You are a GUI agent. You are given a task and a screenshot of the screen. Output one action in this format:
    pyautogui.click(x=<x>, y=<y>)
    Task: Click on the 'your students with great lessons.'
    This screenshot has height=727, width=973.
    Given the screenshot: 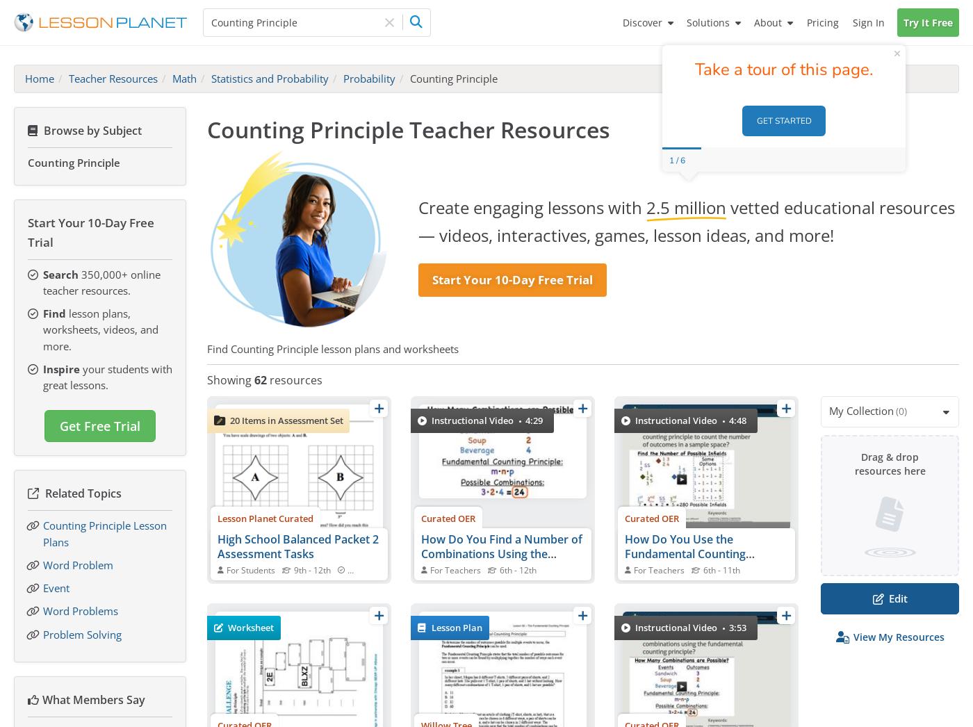 What is the action you would take?
    pyautogui.click(x=107, y=376)
    